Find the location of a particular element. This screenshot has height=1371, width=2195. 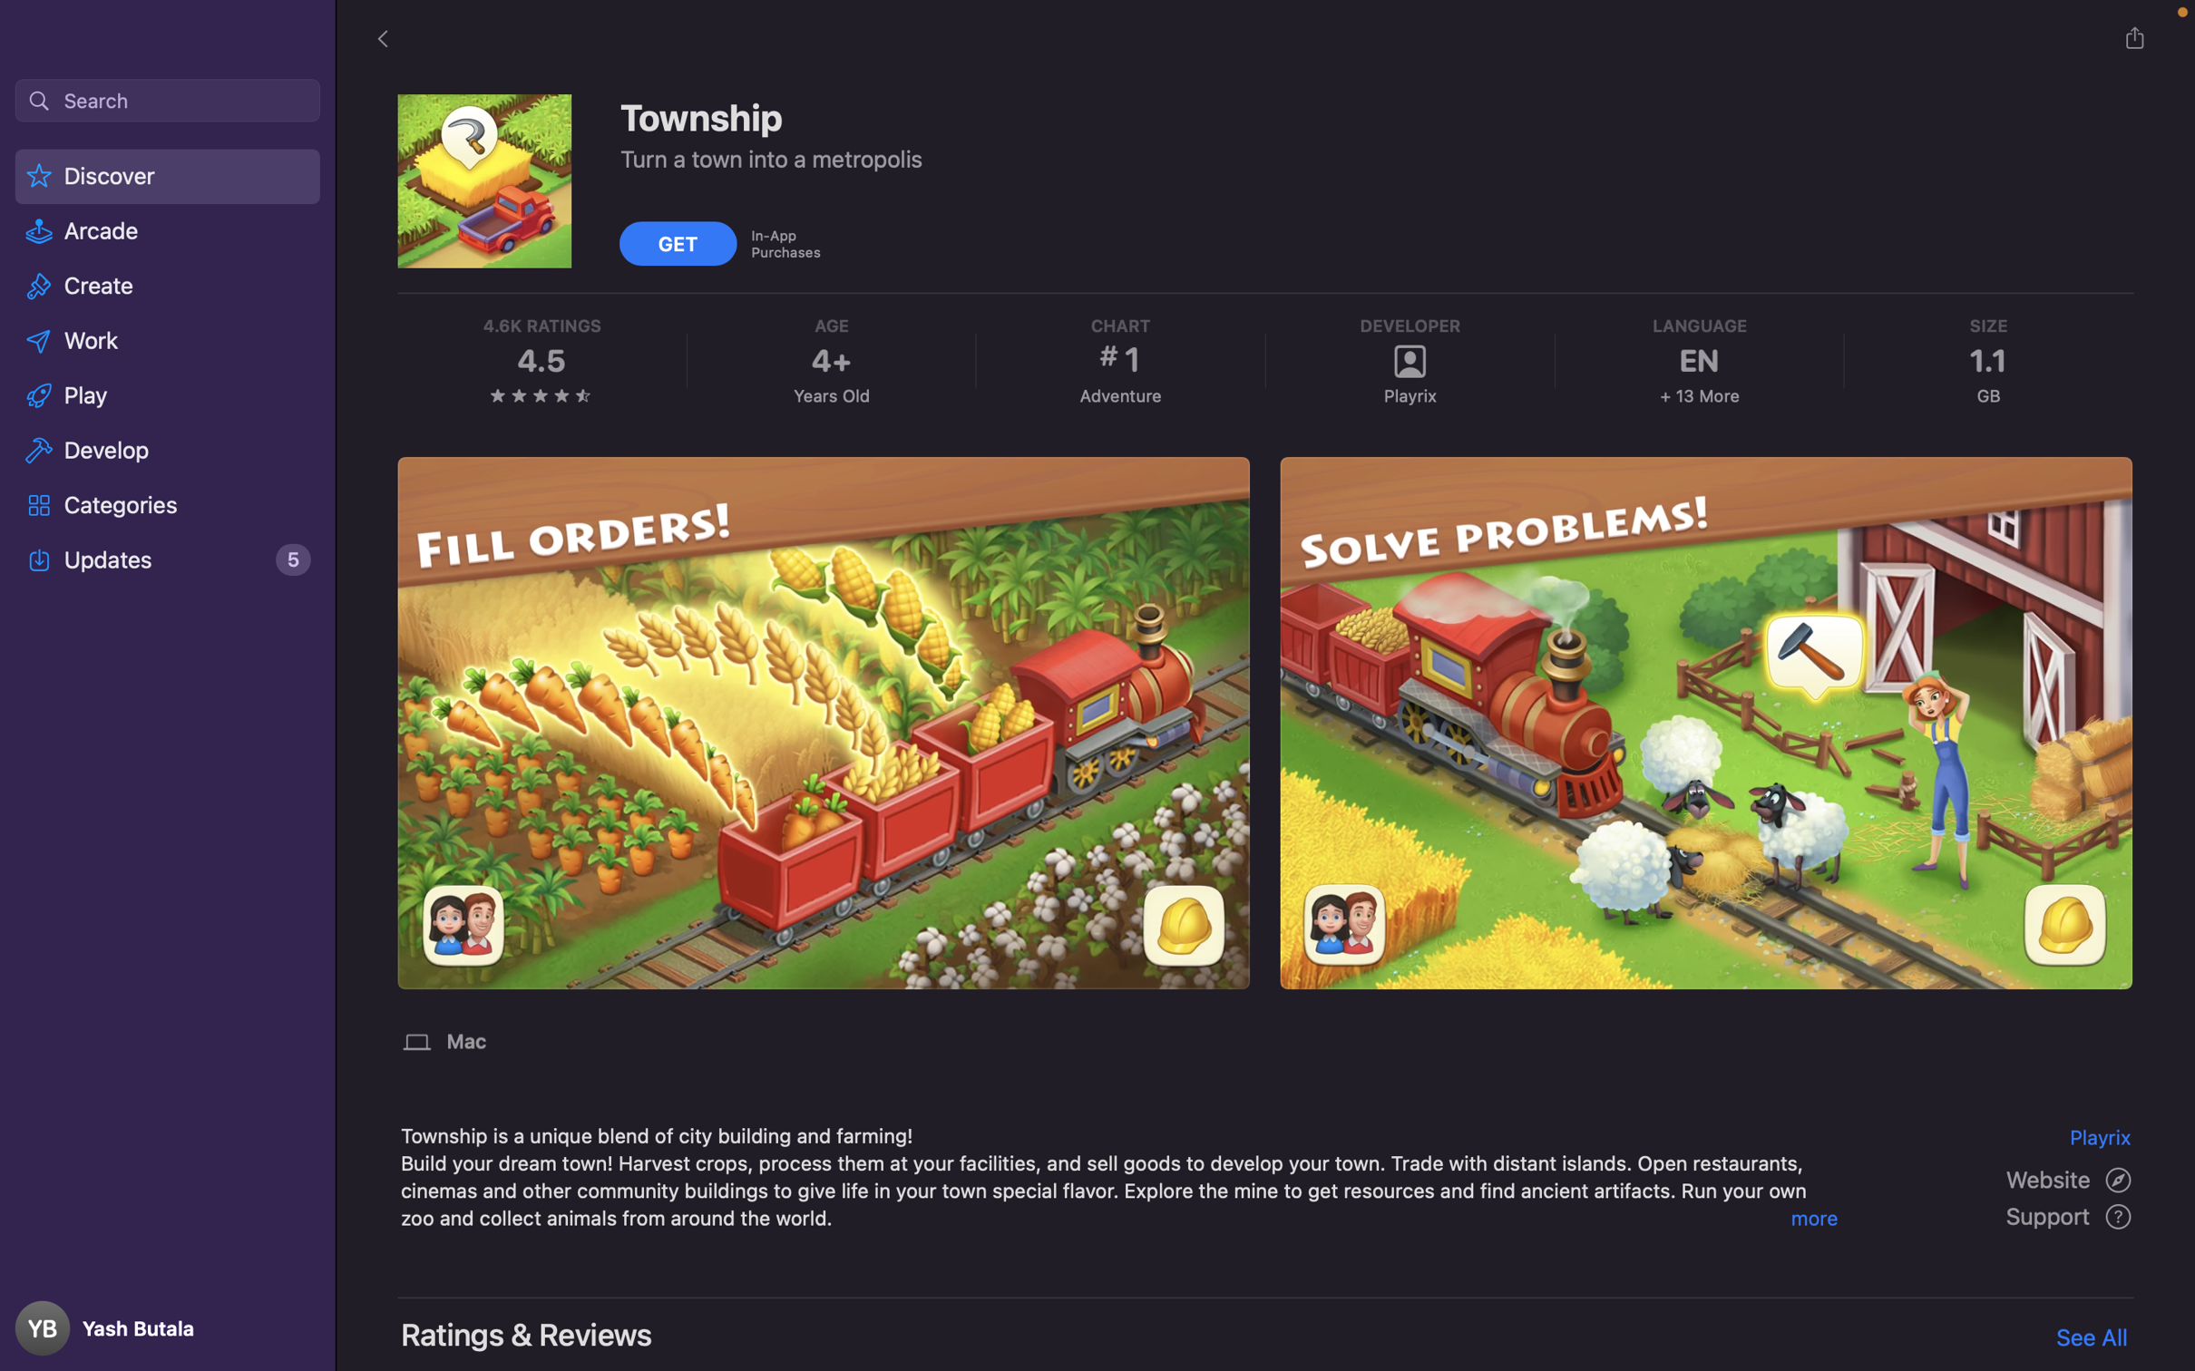

Clicking "get" and then selecting "In-App Purchases" will reveal the in-app purchases you can make is located at coordinates (679, 241).